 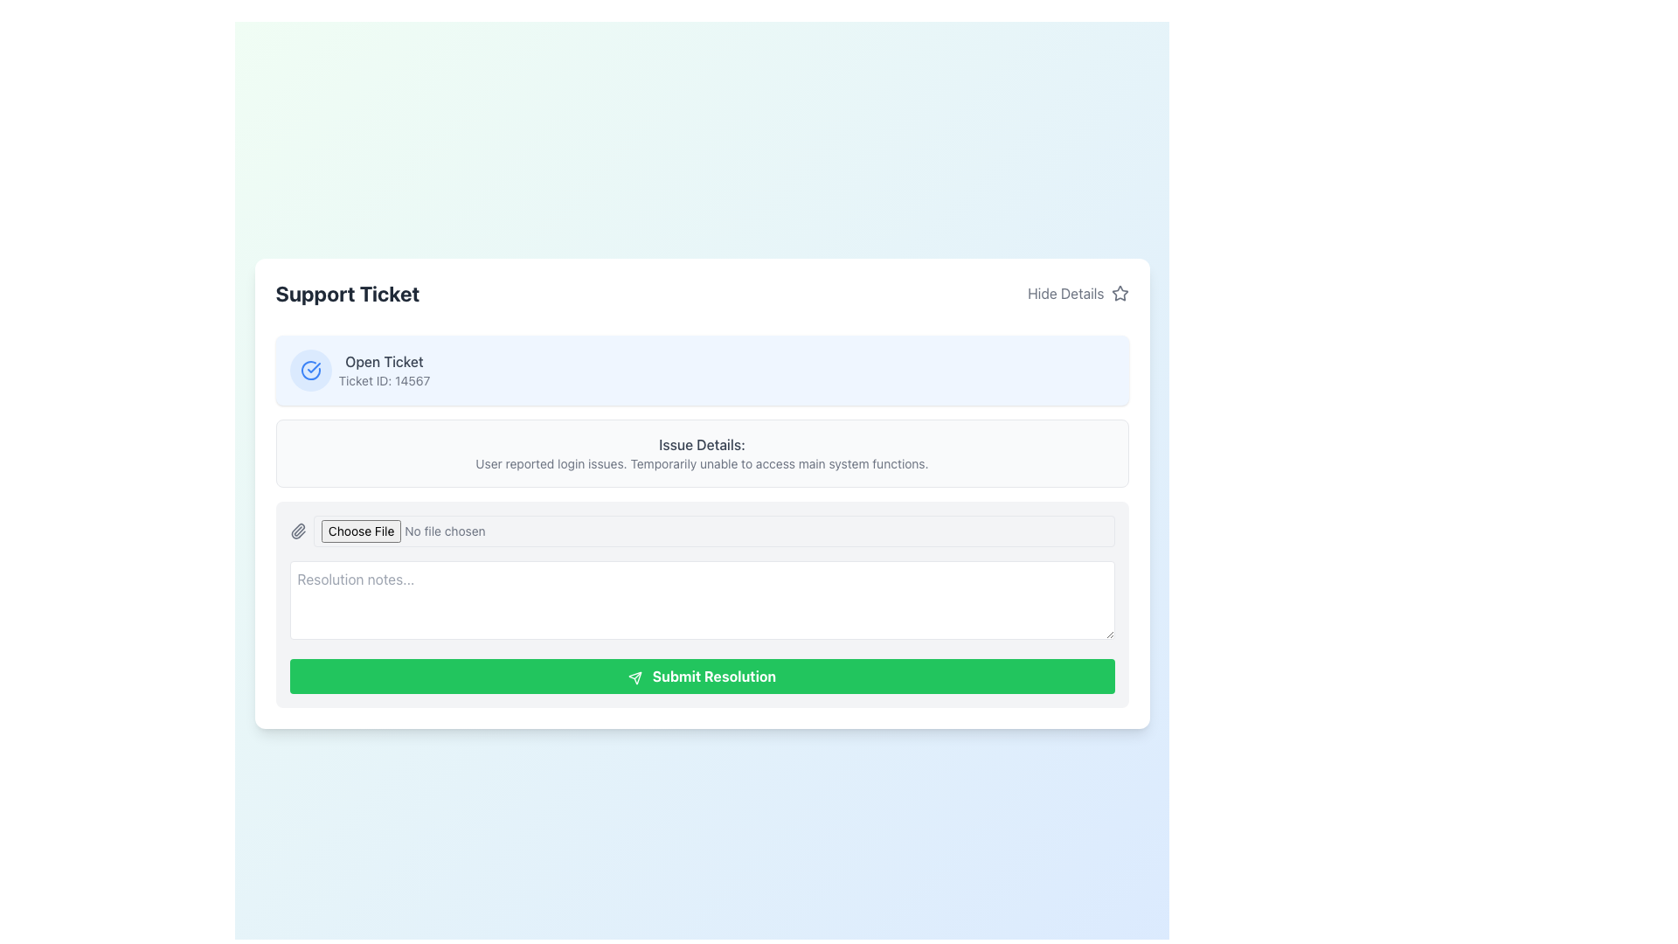 What do you see at coordinates (1120, 292) in the screenshot?
I see `the toggle icon button located at the right-hand corner of the 'Support Ticket' panel` at bounding box center [1120, 292].